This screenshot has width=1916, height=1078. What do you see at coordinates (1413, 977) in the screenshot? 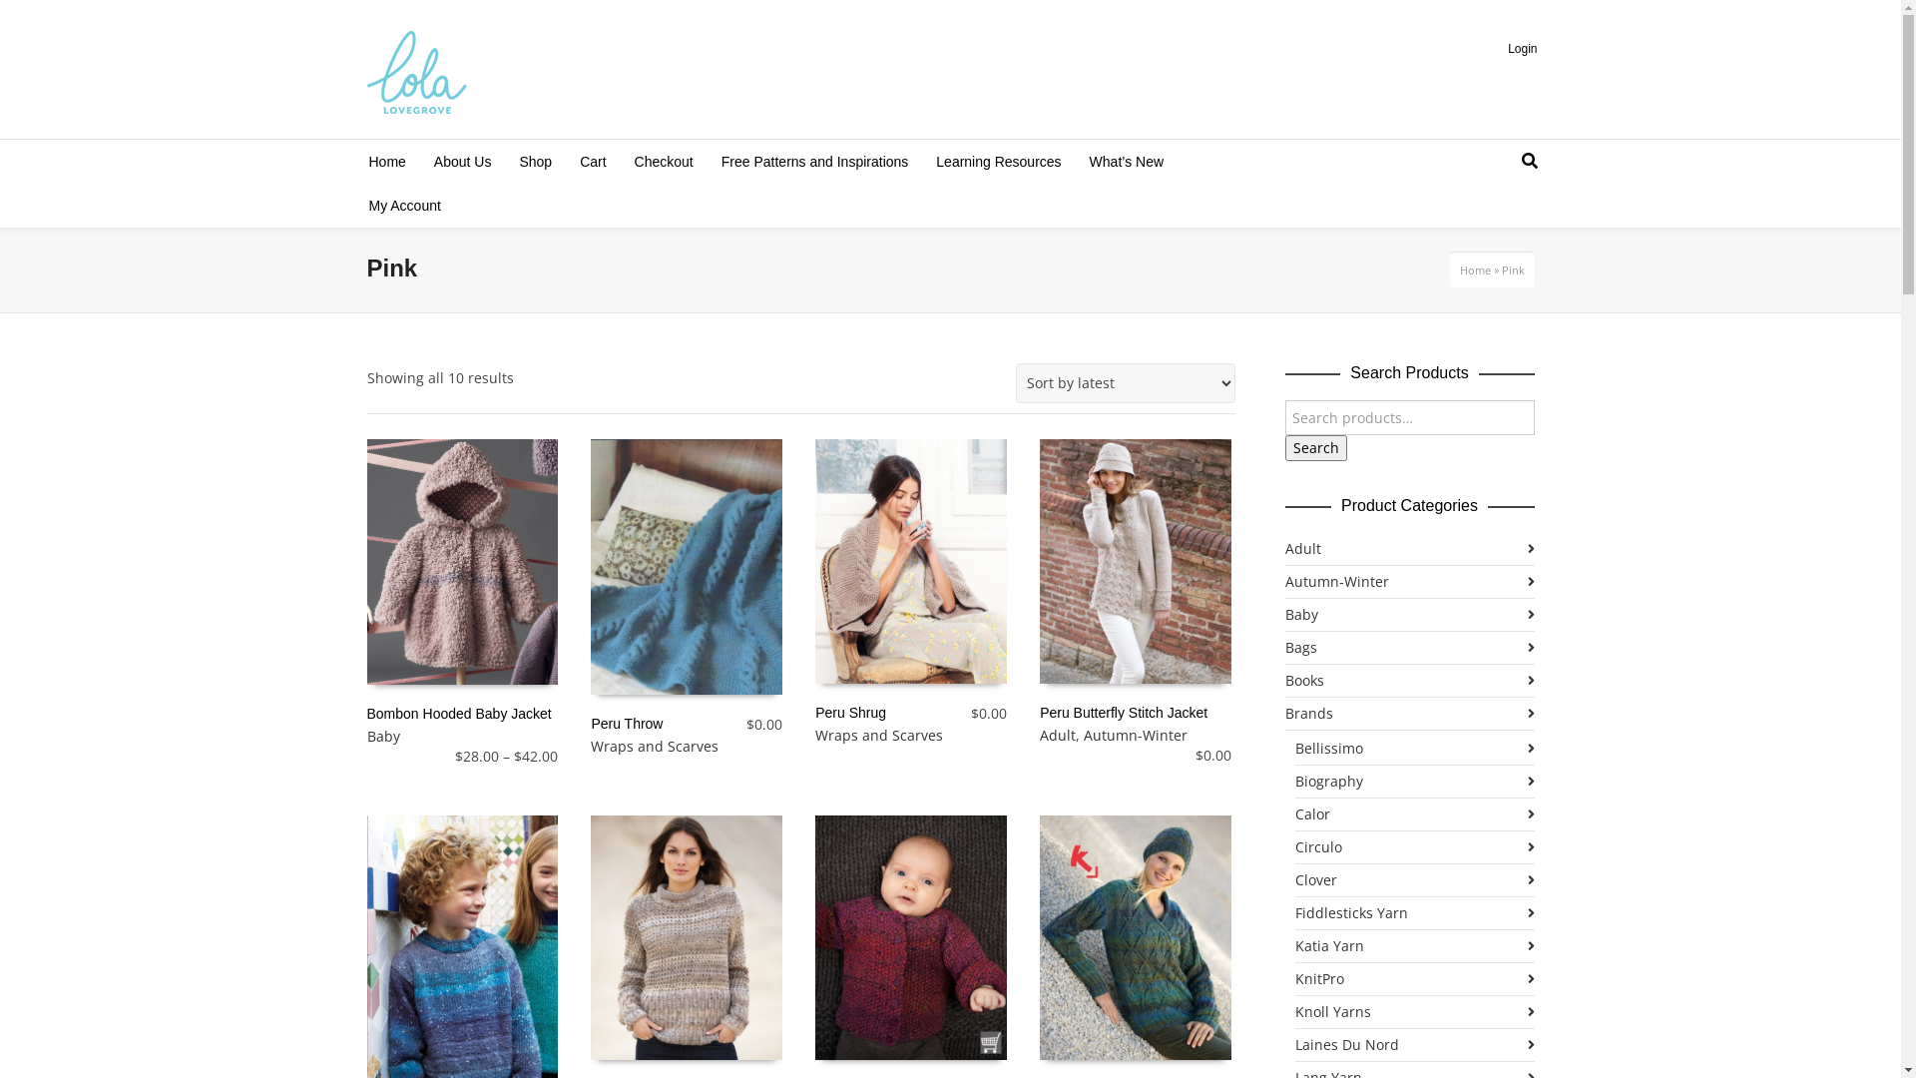
I see `'KnitPro'` at bounding box center [1413, 977].